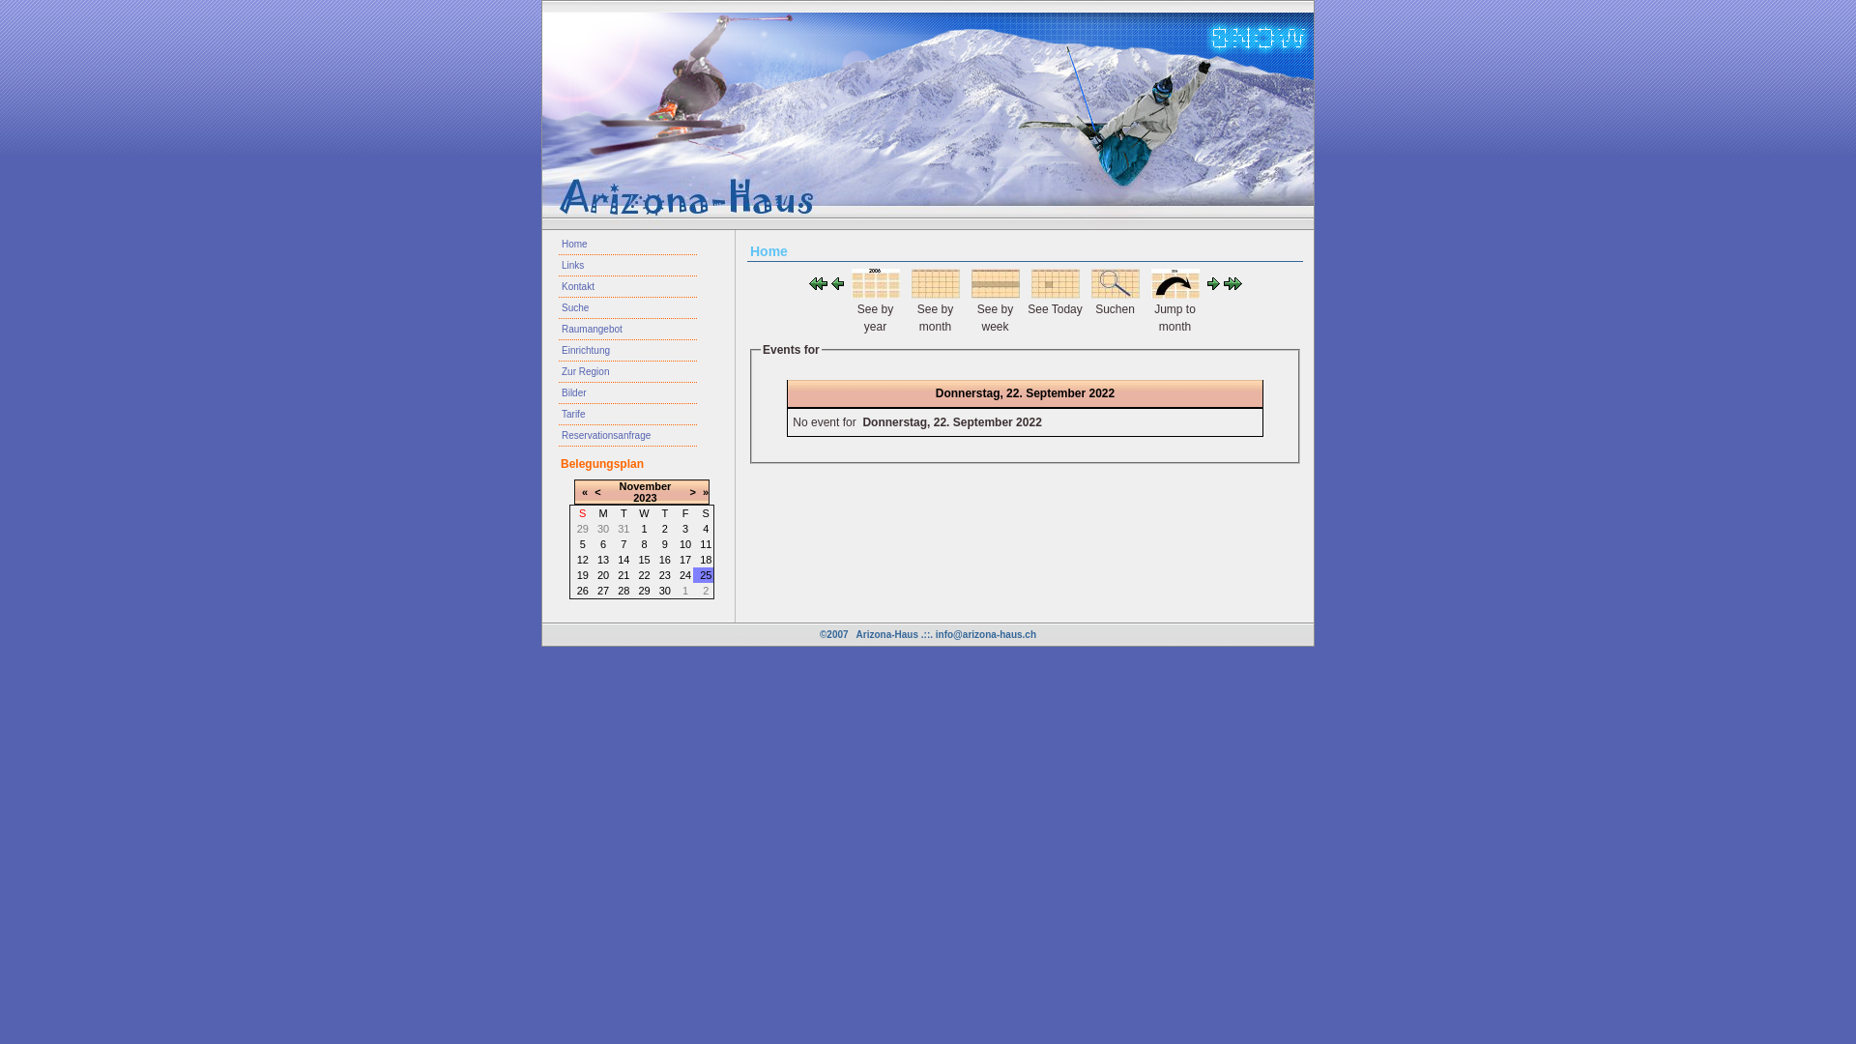  Describe the element at coordinates (623, 544) in the screenshot. I see `'7'` at that location.